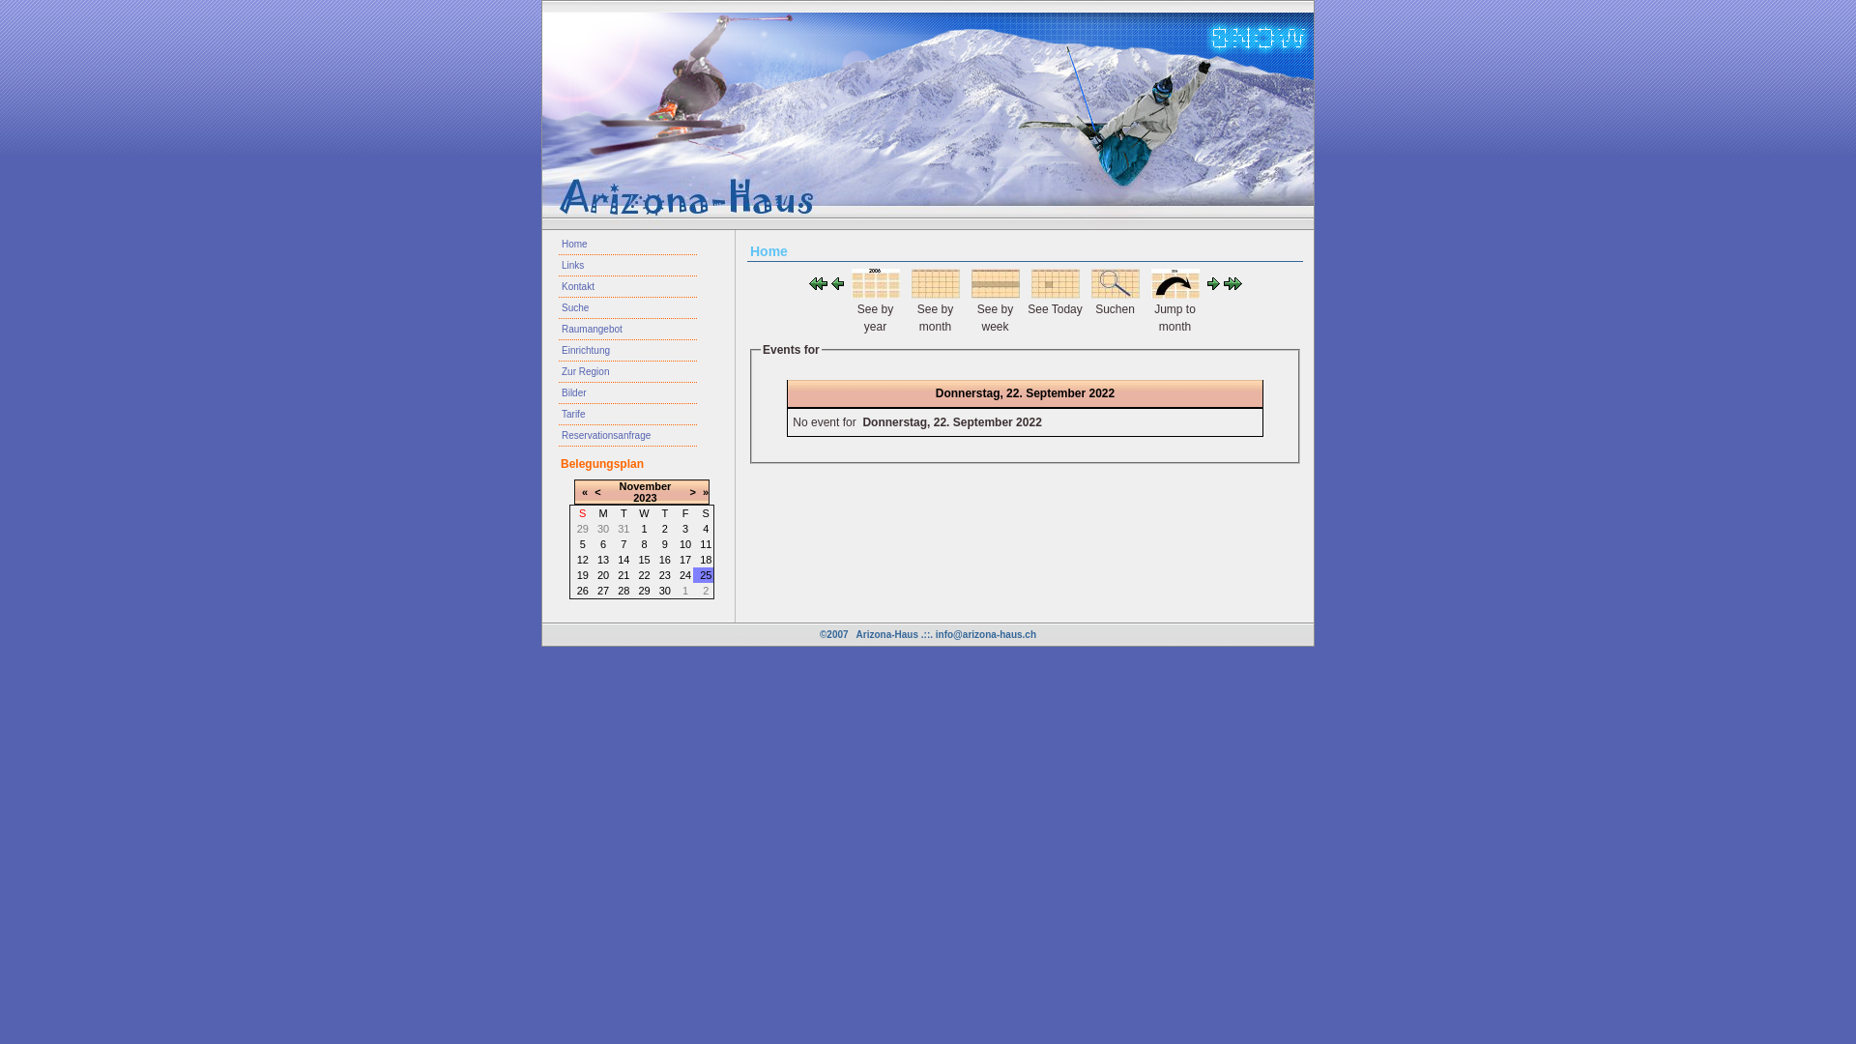  Describe the element at coordinates (623, 544) in the screenshot. I see `'7'` at that location.